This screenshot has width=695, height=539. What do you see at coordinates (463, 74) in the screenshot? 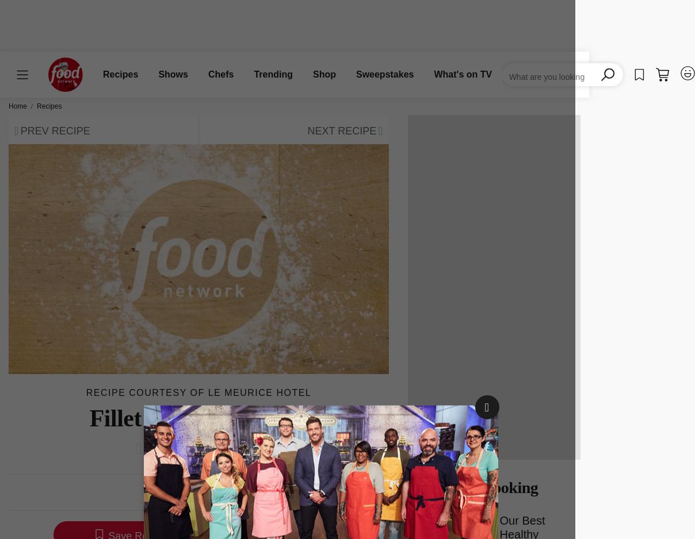
I see `'What's on TV'` at bounding box center [463, 74].